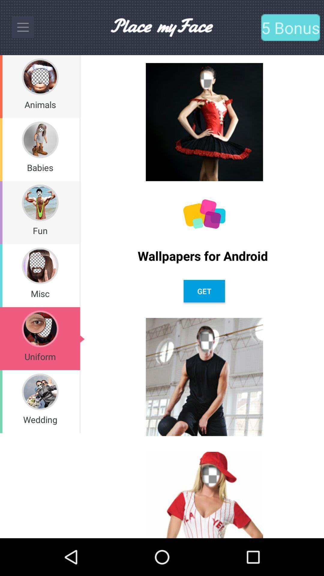 This screenshot has height=576, width=324. Describe the element at coordinates (22, 27) in the screenshot. I see `the menu bar` at that location.